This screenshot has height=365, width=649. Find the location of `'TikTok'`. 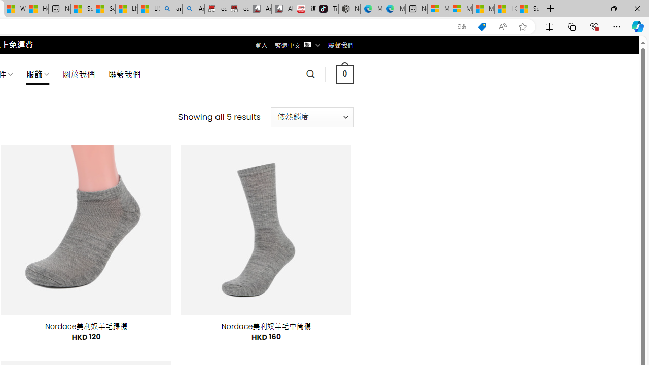

'TikTok' is located at coordinates (327, 9).